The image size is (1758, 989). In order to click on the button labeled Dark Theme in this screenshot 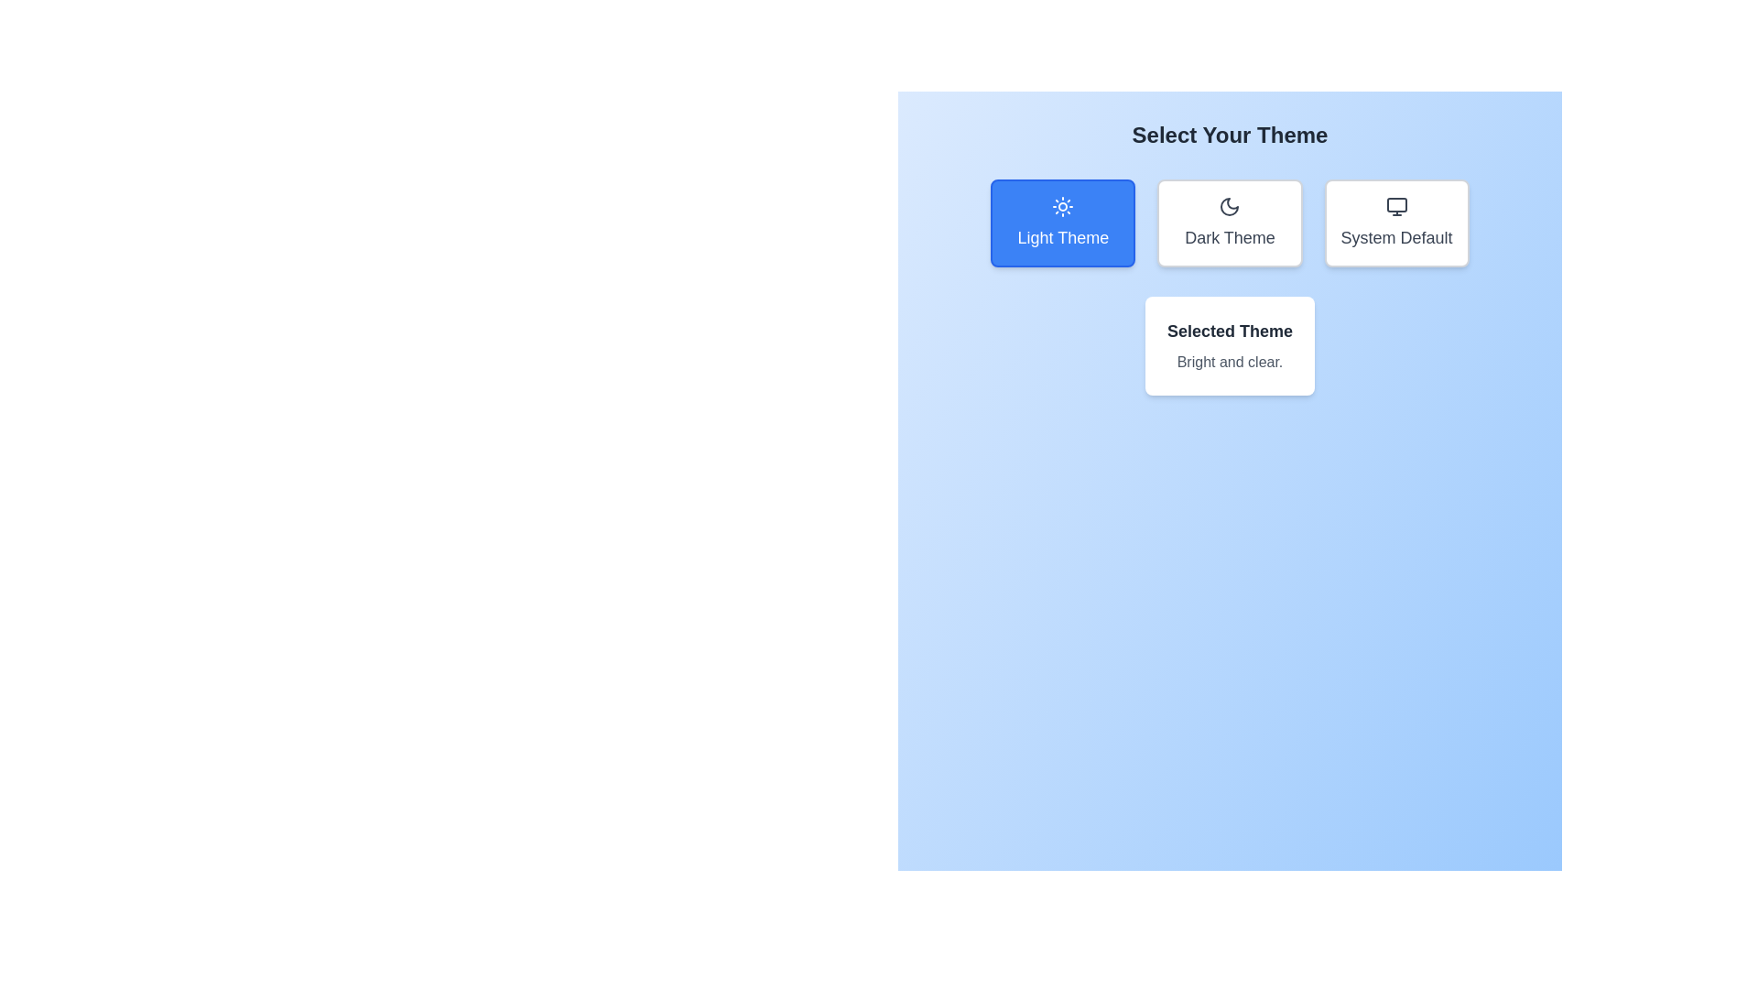, I will do `click(1230, 222)`.